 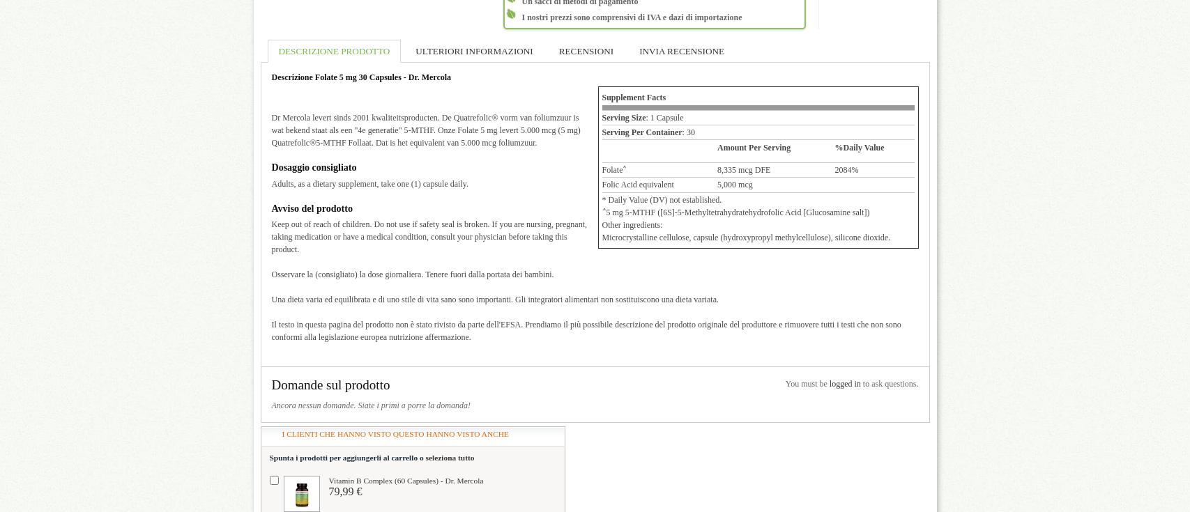 I want to click on 'Spunta i prodotti per aggiungerli al carrello o', so click(x=346, y=457).